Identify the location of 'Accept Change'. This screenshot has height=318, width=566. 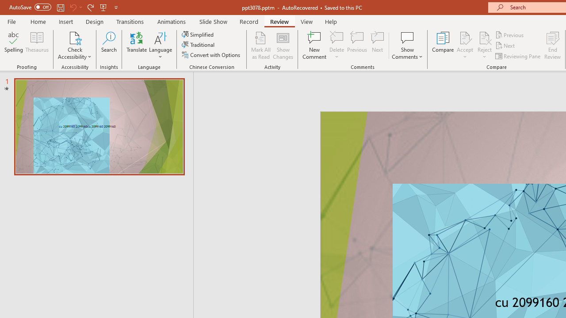
(464, 37).